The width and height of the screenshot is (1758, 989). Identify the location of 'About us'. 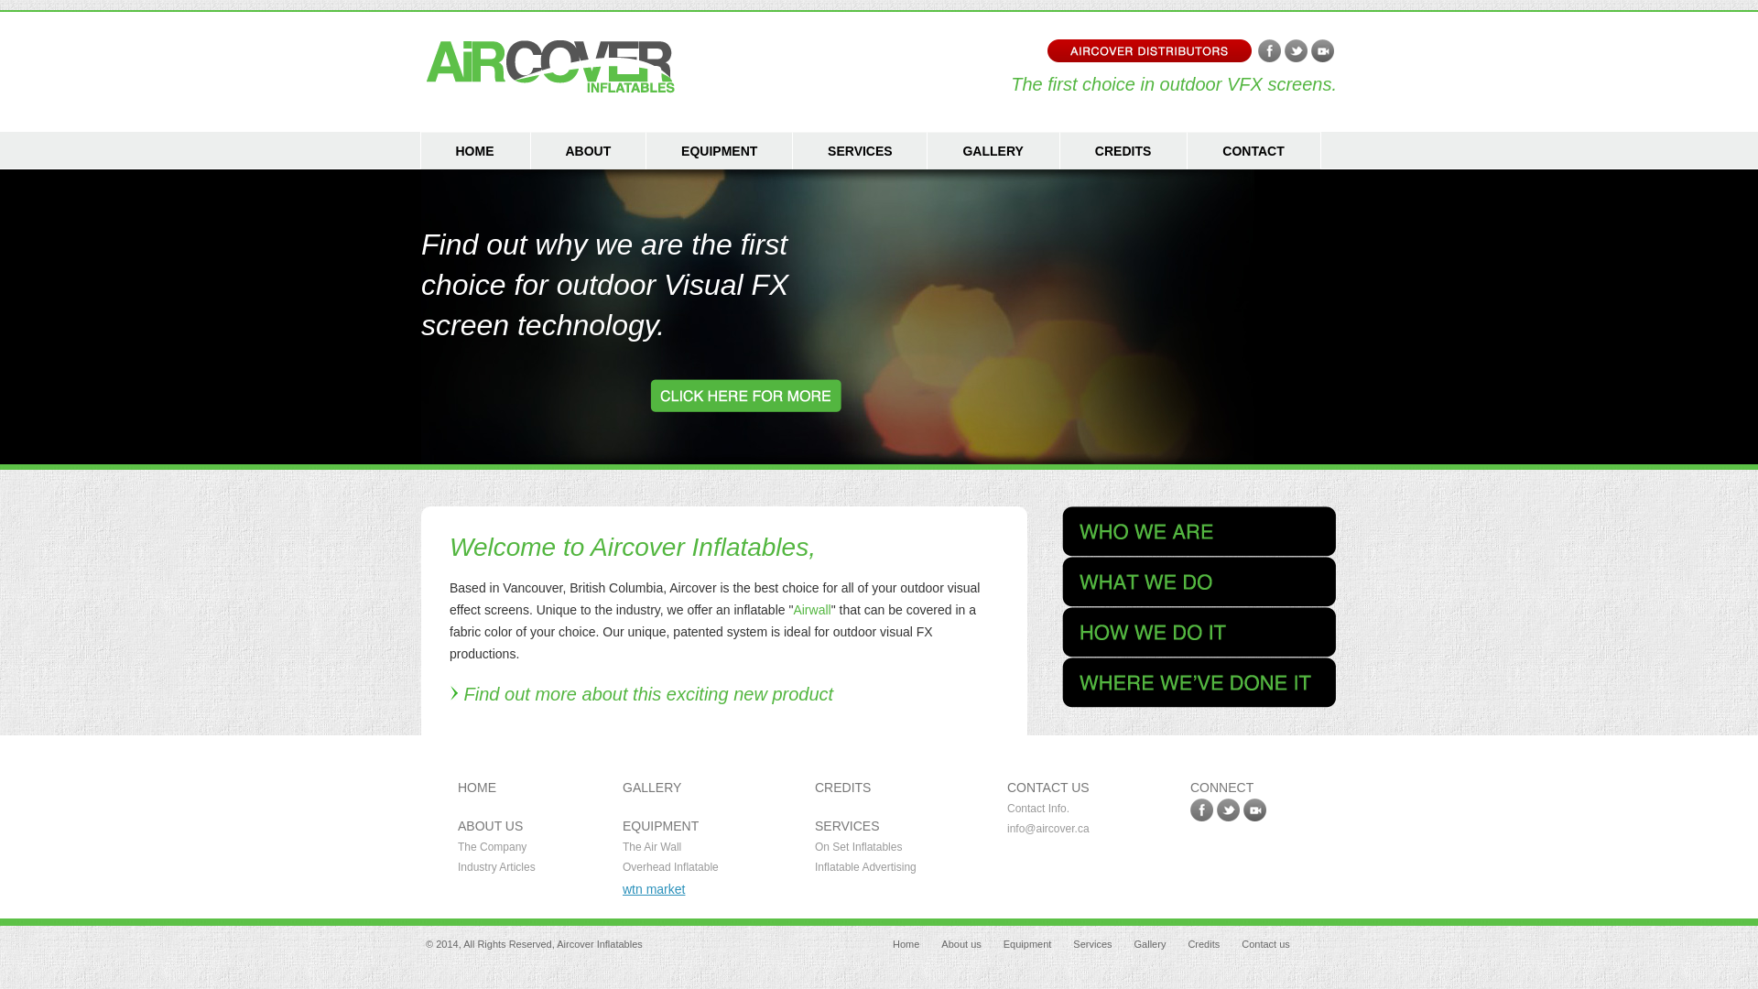
(927, 943).